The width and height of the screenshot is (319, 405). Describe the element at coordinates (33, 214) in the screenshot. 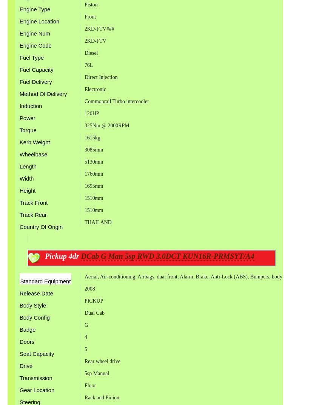

I see `'Track Rear'` at that location.